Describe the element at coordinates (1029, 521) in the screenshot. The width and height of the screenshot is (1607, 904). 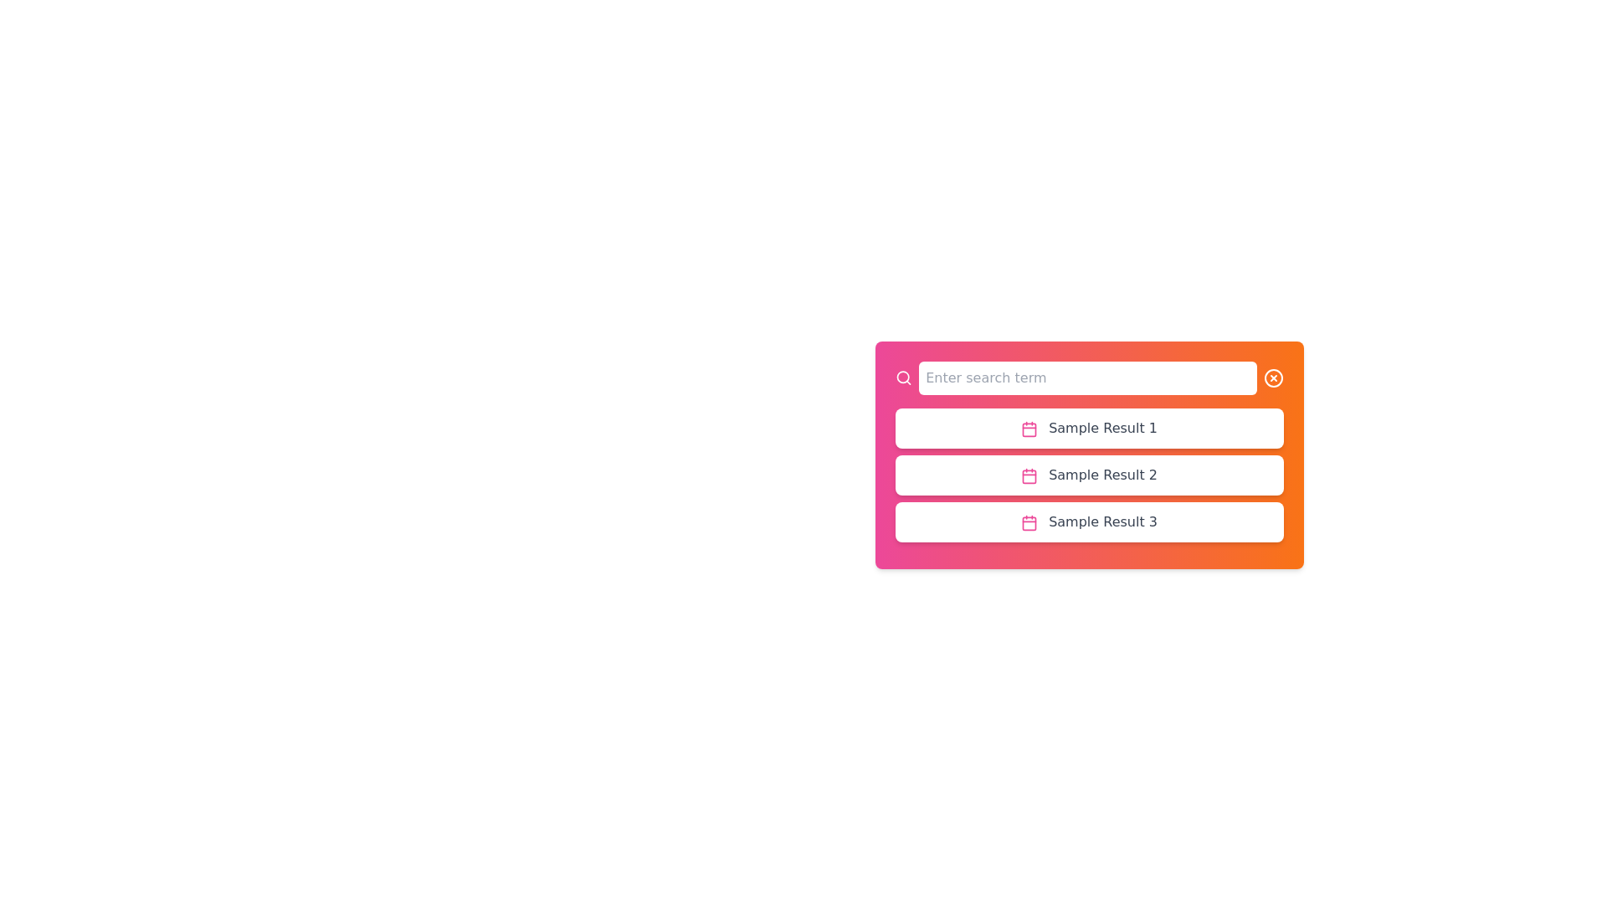
I see `the calendar icon located to the left of the text 'Sample Result 3' in the third row of the vertically stacked list of items` at that location.